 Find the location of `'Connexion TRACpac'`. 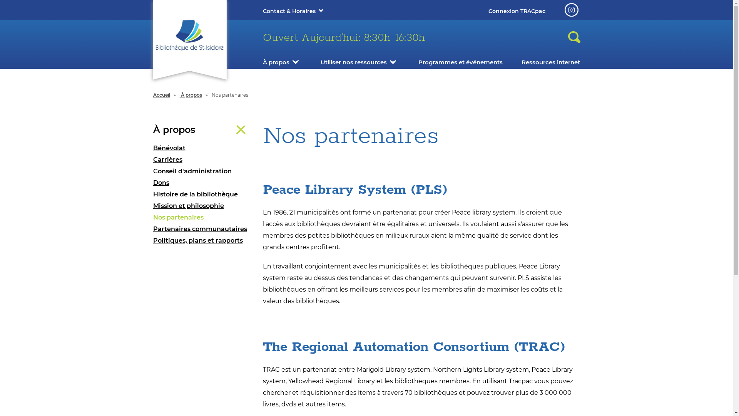

'Connexion TRACpac' is located at coordinates (517, 11).